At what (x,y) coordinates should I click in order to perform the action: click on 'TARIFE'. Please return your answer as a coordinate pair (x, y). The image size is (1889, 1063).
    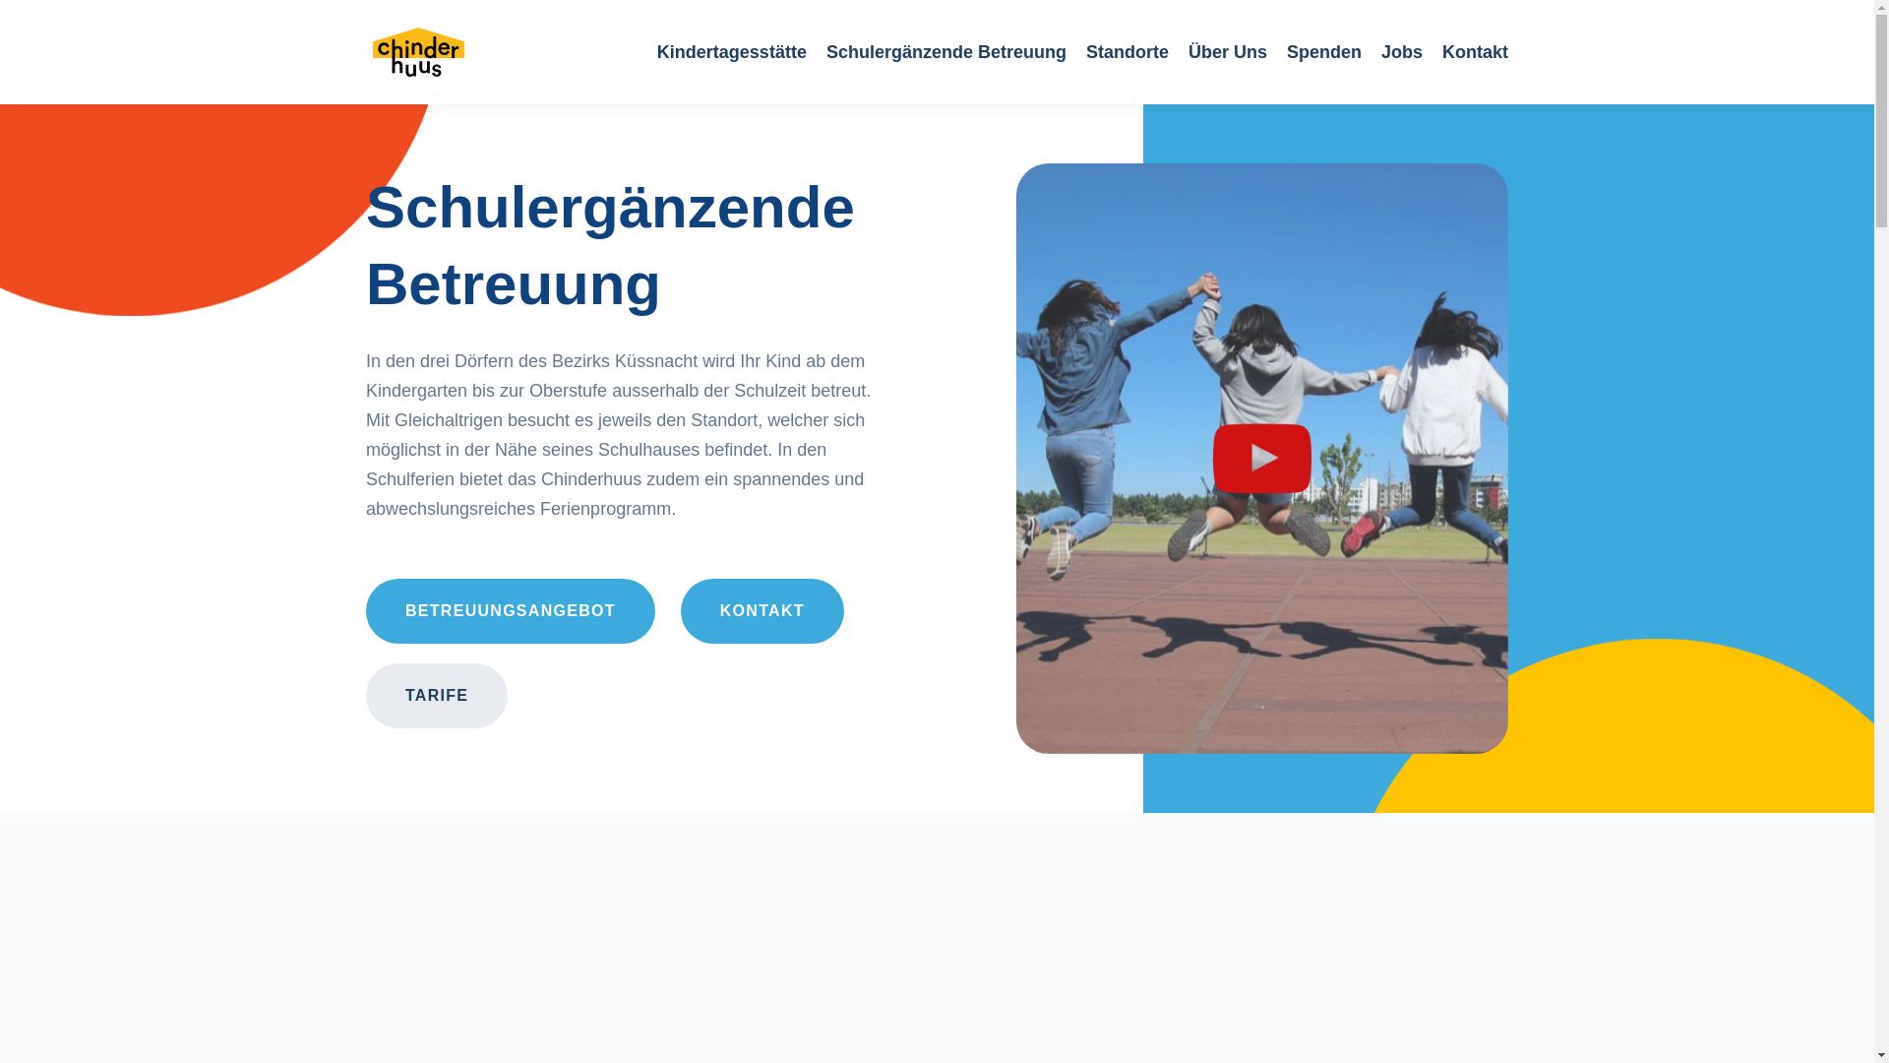
    Looking at the image, I should click on (436, 694).